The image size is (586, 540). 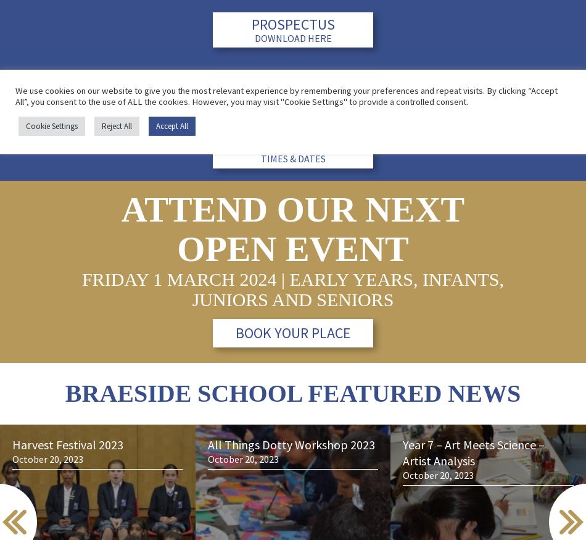 What do you see at coordinates (171, 126) in the screenshot?
I see `'Accept All'` at bounding box center [171, 126].